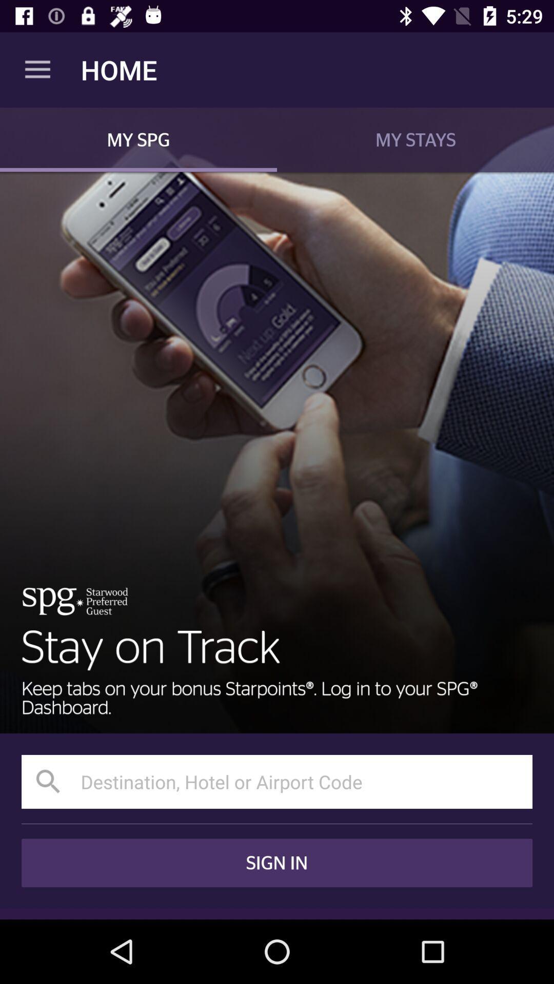  What do you see at coordinates (277, 781) in the screenshot?
I see `item below the keep tabs on` at bounding box center [277, 781].